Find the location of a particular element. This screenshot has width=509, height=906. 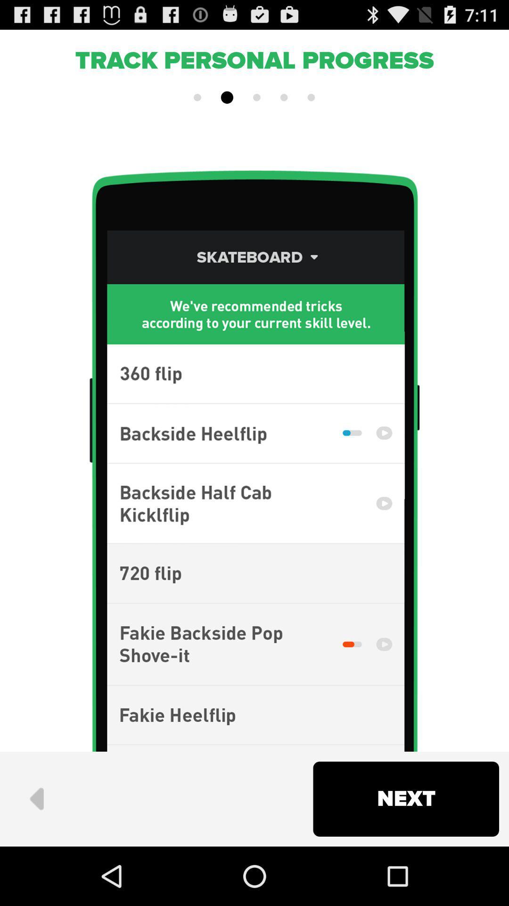

the arrow_backward icon is located at coordinates (36, 855).